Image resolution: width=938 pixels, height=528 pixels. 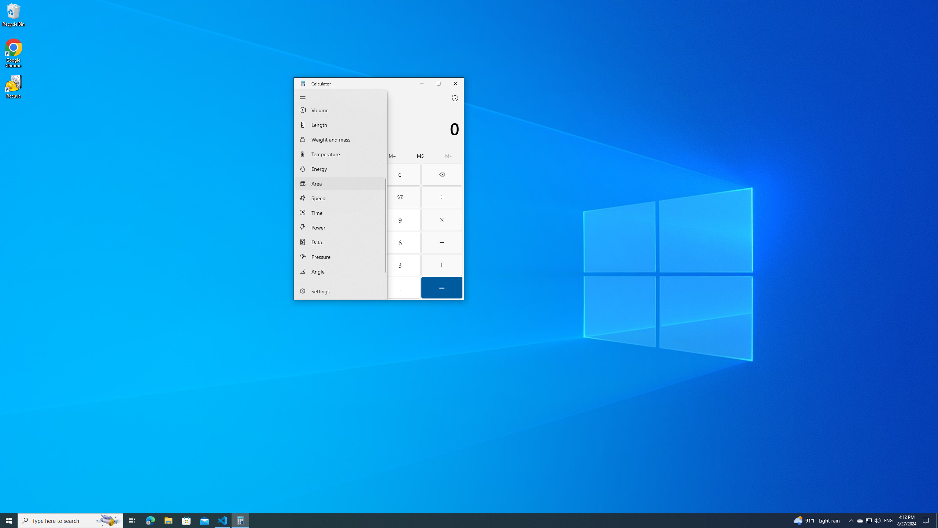 What do you see at coordinates (340, 227) in the screenshot?
I see `'Power Converter'` at bounding box center [340, 227].